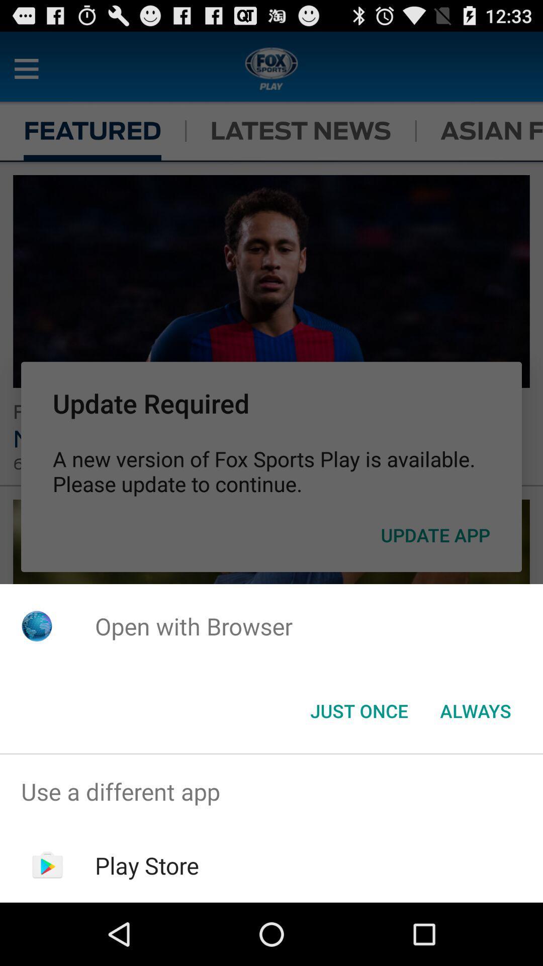 This screenshot has height=966, width=543. What do you see at coordinates (475, 710) in the screenshot?
I see `the button next to the just once item` at bounding box center [475, 710].